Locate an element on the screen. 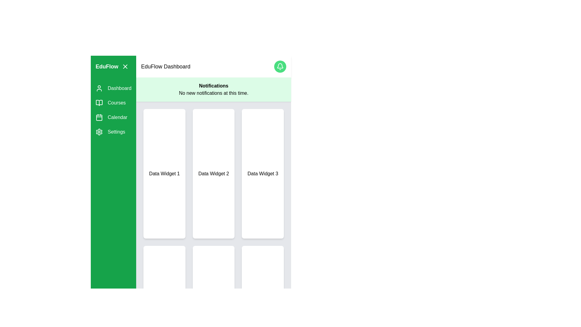 The image size is (581, 327). the calendar navigation button located in the vertical menu bar on the left side, which is the third item from the top is located at coordinates (113, 117).